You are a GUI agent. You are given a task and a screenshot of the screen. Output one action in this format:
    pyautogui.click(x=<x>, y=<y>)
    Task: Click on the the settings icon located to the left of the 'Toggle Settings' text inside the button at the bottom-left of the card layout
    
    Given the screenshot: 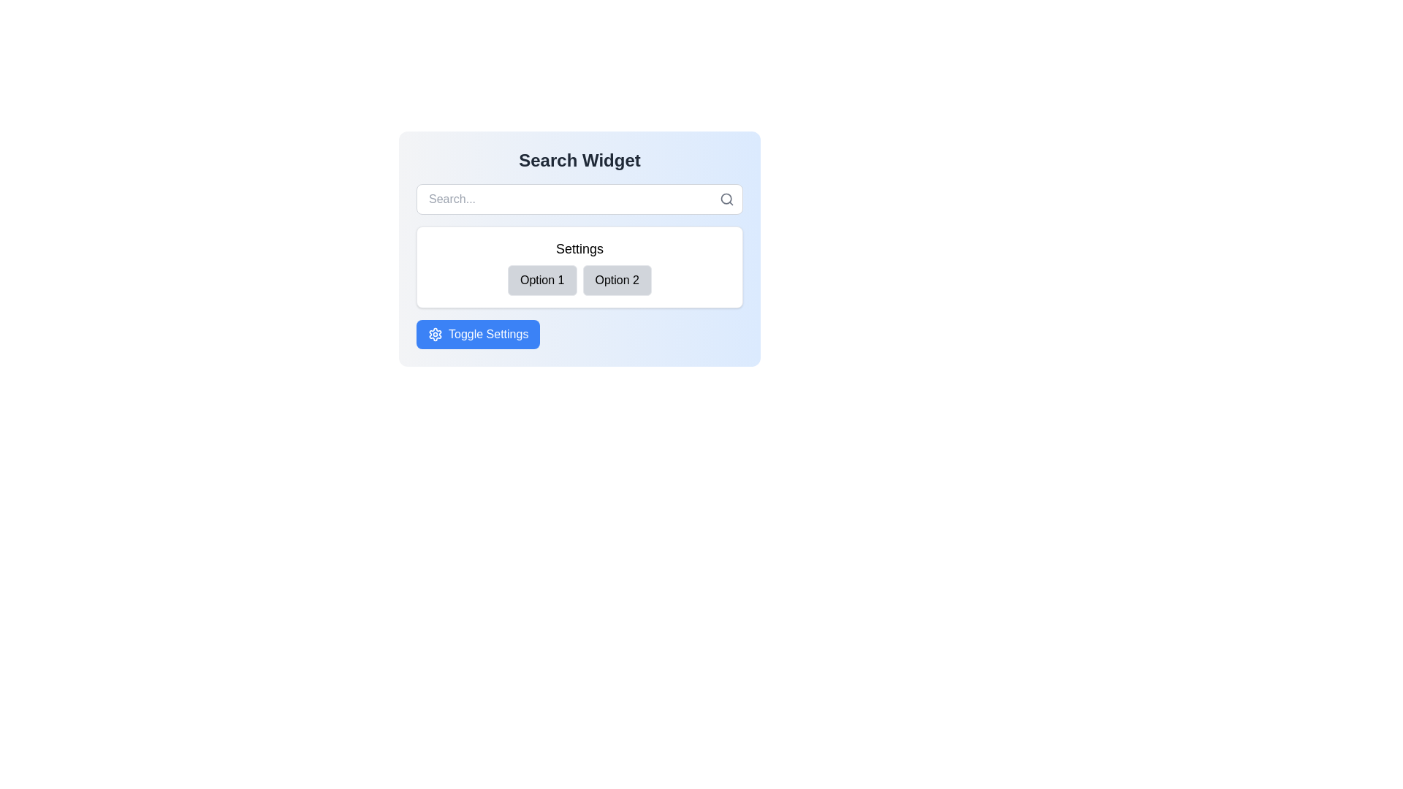 What is the action you would take?
    pyautogui.click(x=434, y=335)
    